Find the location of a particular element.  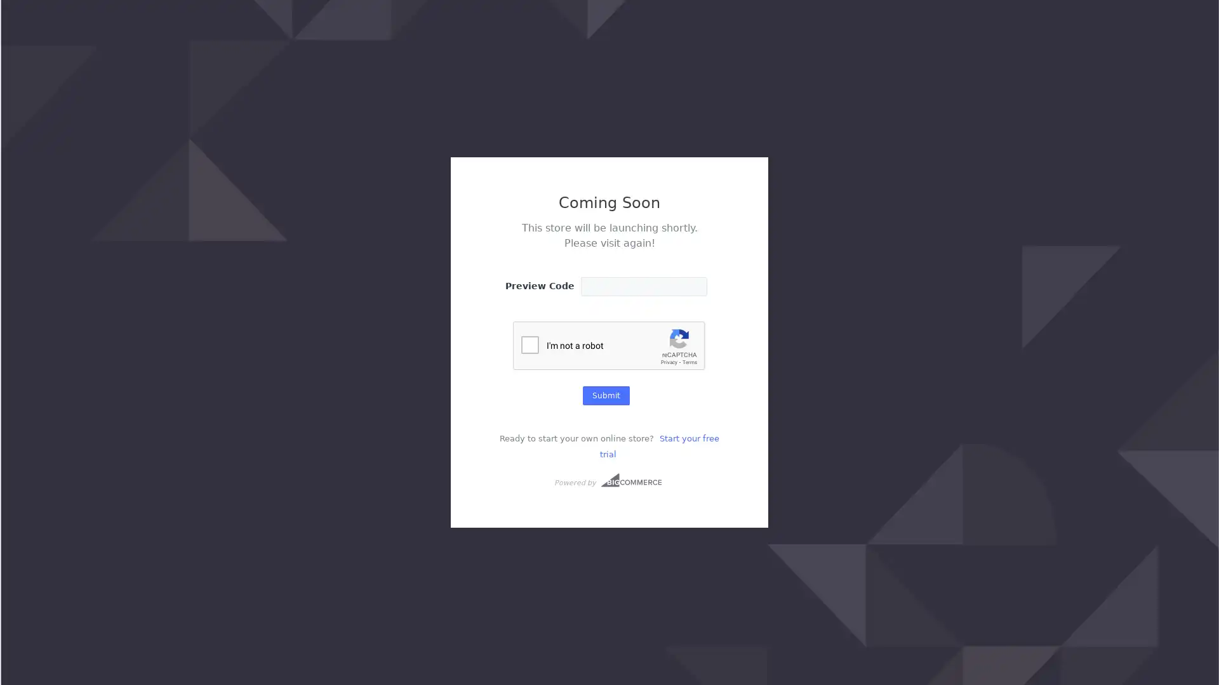

Submit is located at coordinates (606, 395).